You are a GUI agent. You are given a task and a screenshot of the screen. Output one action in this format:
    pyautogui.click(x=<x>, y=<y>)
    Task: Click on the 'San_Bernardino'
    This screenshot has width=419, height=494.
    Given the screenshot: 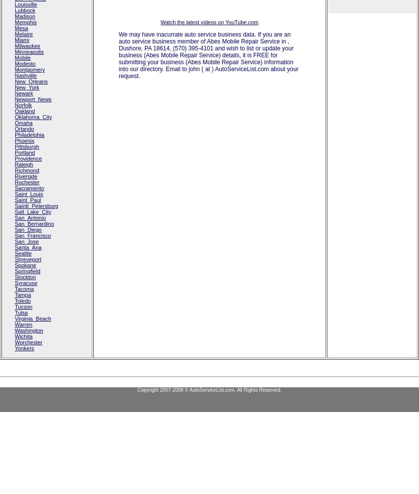 What is the action you would take?
    pyautogui.click(x=34, y=223)
    